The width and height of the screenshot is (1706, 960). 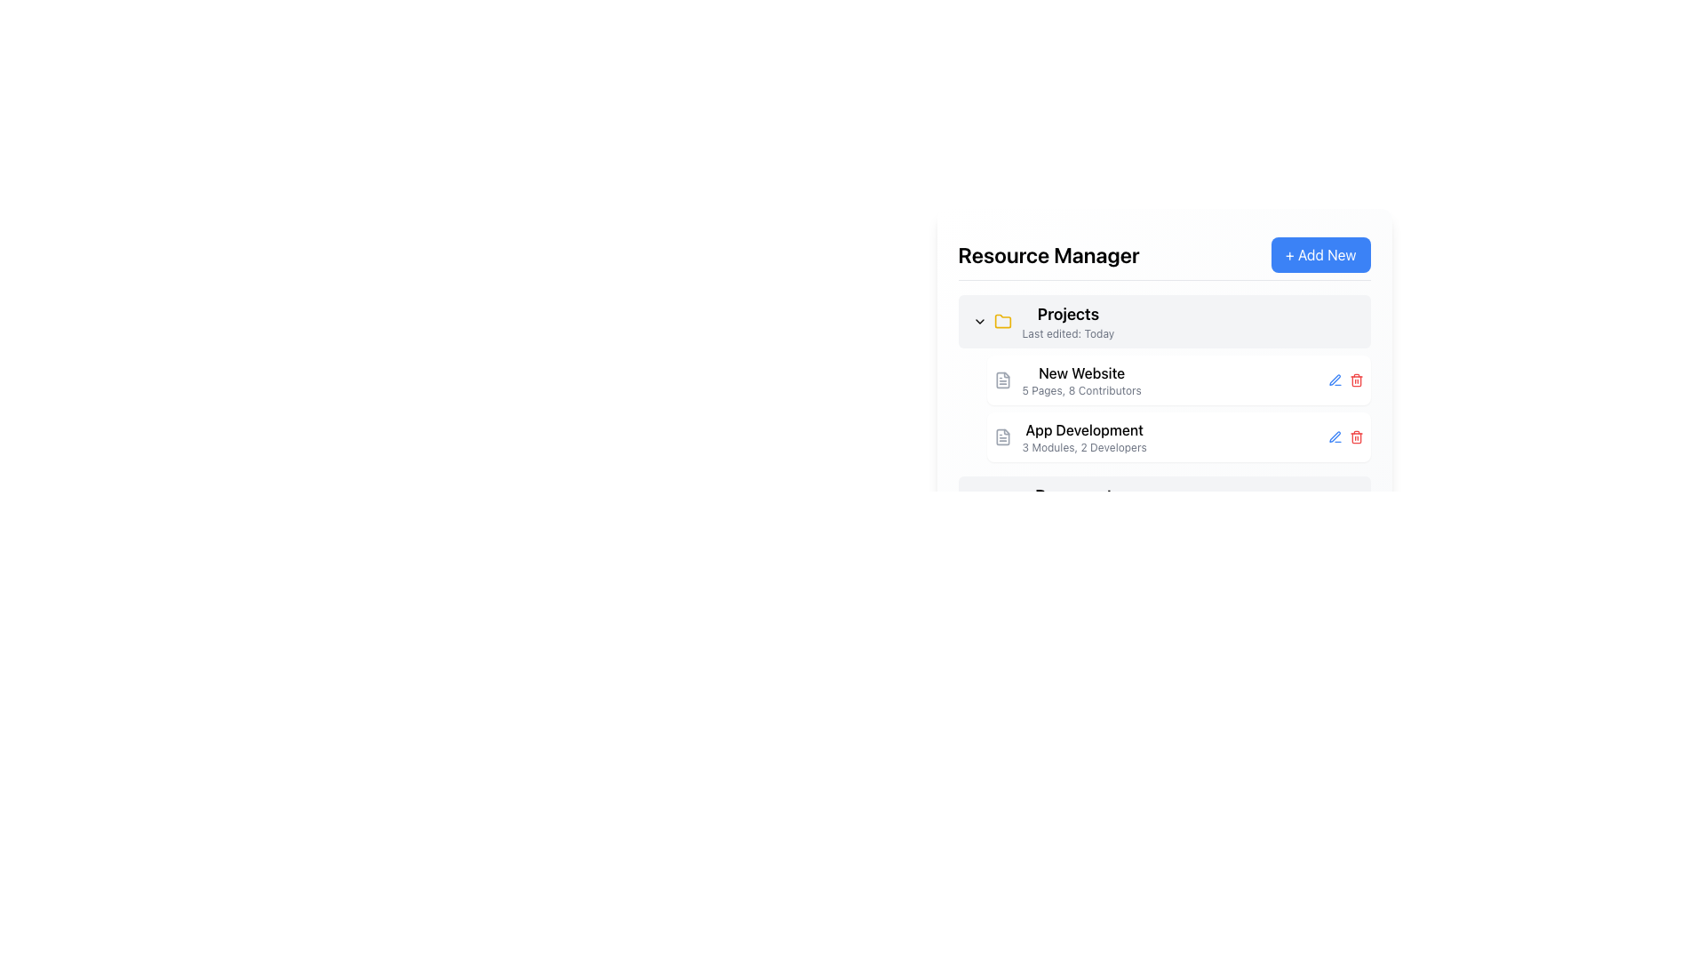 I want to click on the text display that reads '3 Modules, 2 Developers', which is styled with a smaller gray font and located directly below the bolded text 'App Development', so click(x=1083, y=447).